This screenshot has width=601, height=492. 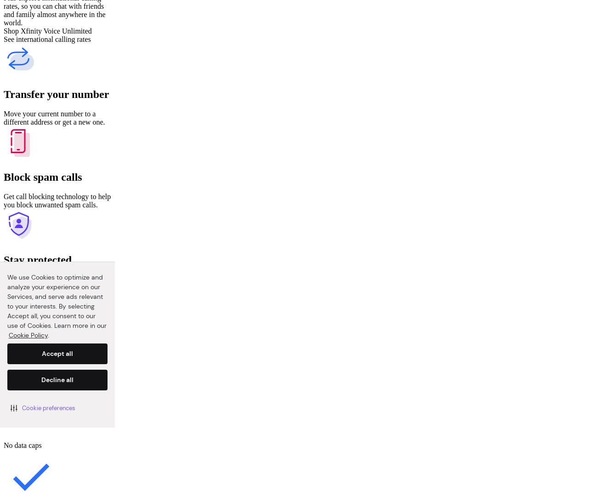 What do you see at coordinates (23, 445) in the screenshot?
I see `'No data caps'` at bounding box center [23, 445].